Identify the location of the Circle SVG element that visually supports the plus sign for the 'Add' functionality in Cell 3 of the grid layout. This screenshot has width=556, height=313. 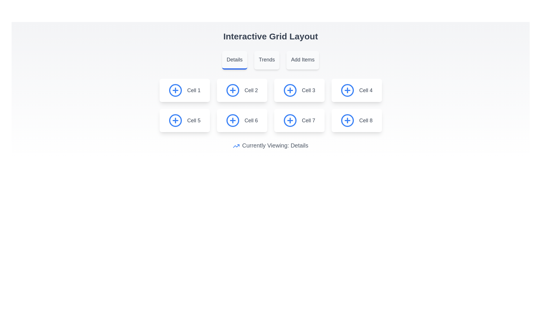
(290, 90).